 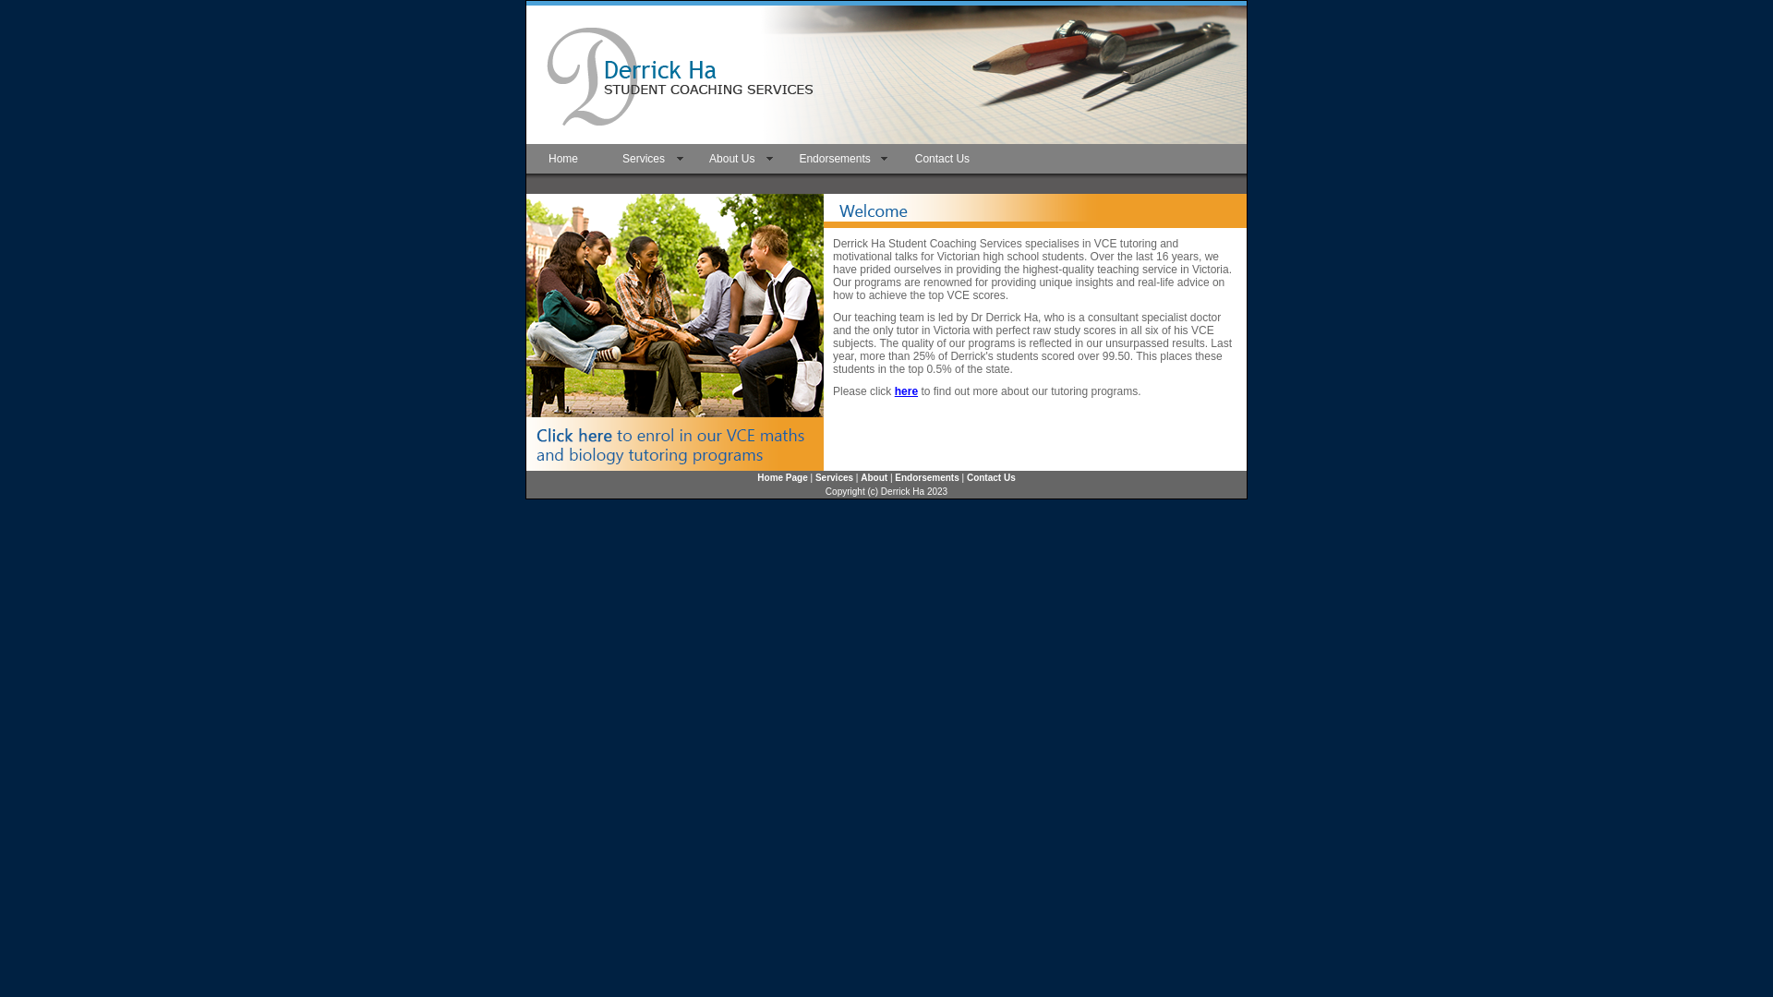 What do you see at coordinates (643, 158) in the screenshot?
I see `'Services'` at bounding box center [643, 158].